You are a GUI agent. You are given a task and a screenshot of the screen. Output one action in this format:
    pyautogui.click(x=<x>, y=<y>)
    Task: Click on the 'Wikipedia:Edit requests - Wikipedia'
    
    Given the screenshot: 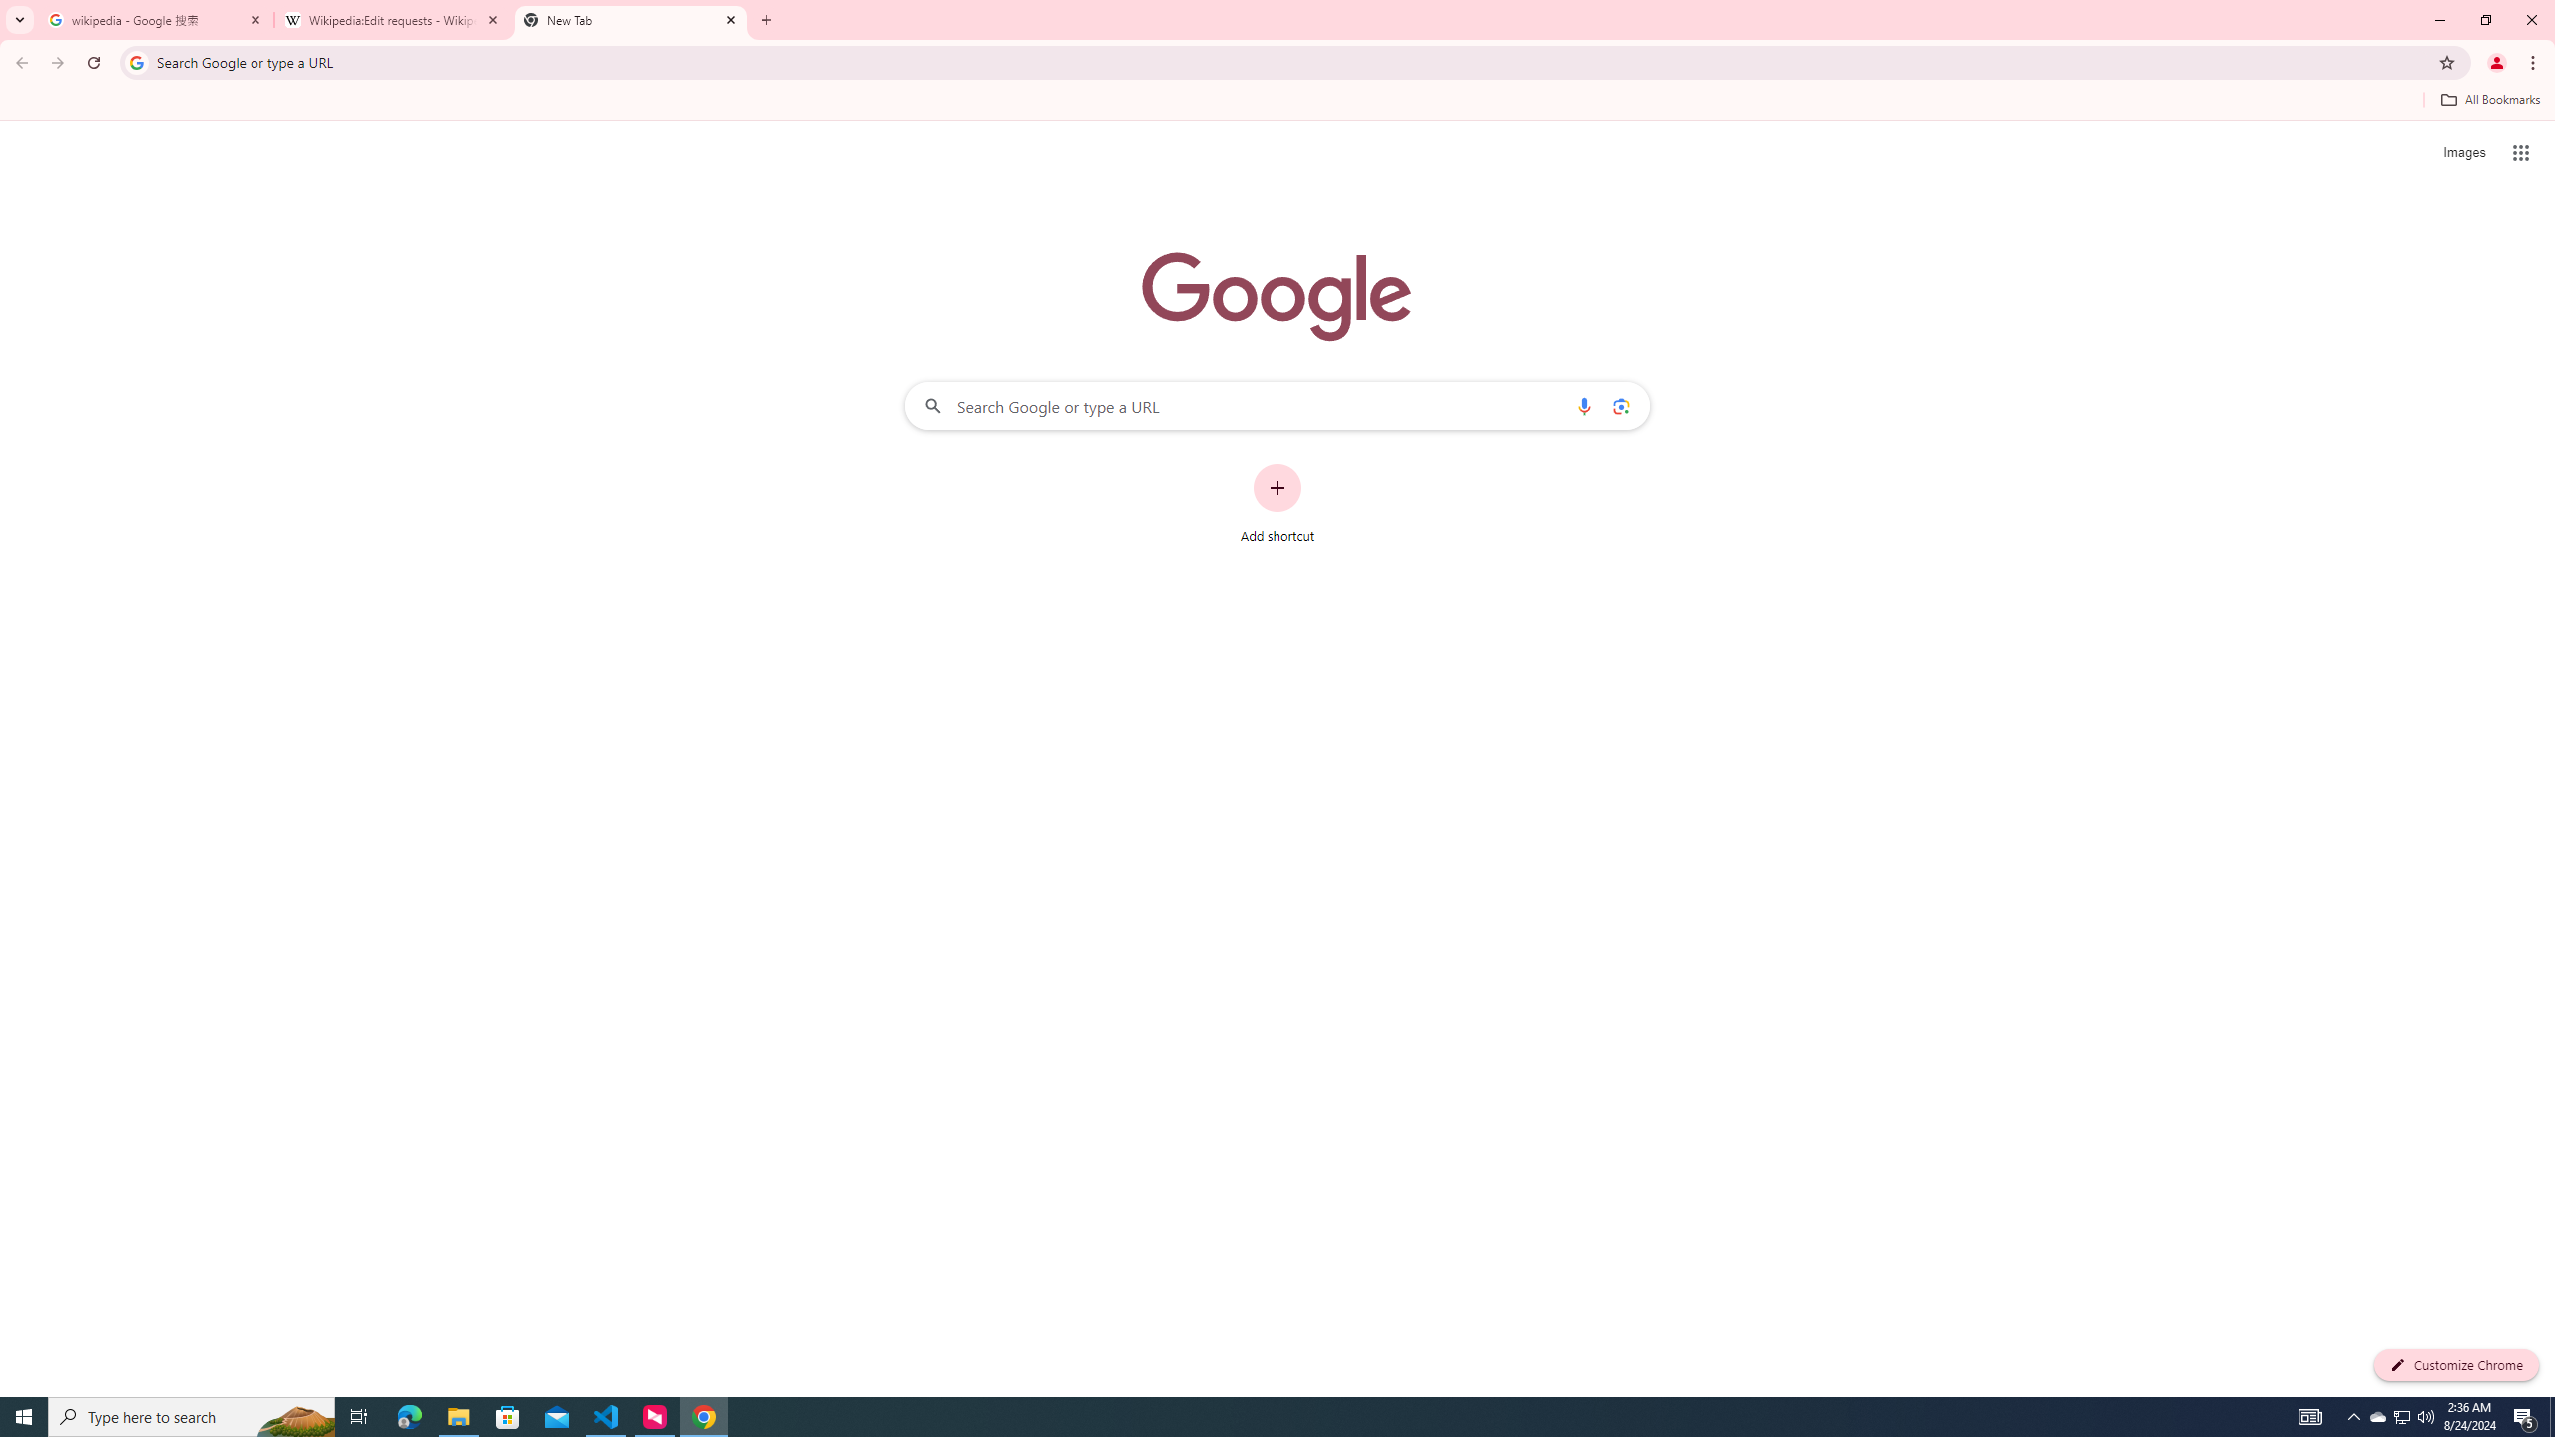 What is the action you would take?
    pyautogui.click(x=393, y=19)
    